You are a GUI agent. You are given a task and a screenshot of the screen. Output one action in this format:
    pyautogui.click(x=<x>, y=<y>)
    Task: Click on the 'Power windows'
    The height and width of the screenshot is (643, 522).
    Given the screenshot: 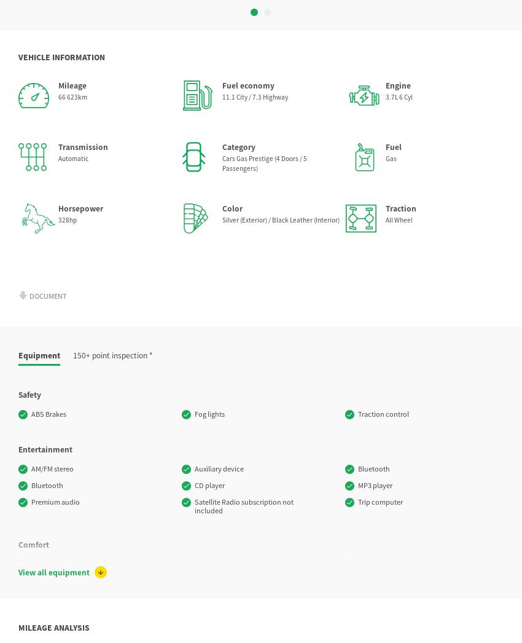 What is the action you would take?
    pyautogui.click(x=55, y=396)
    